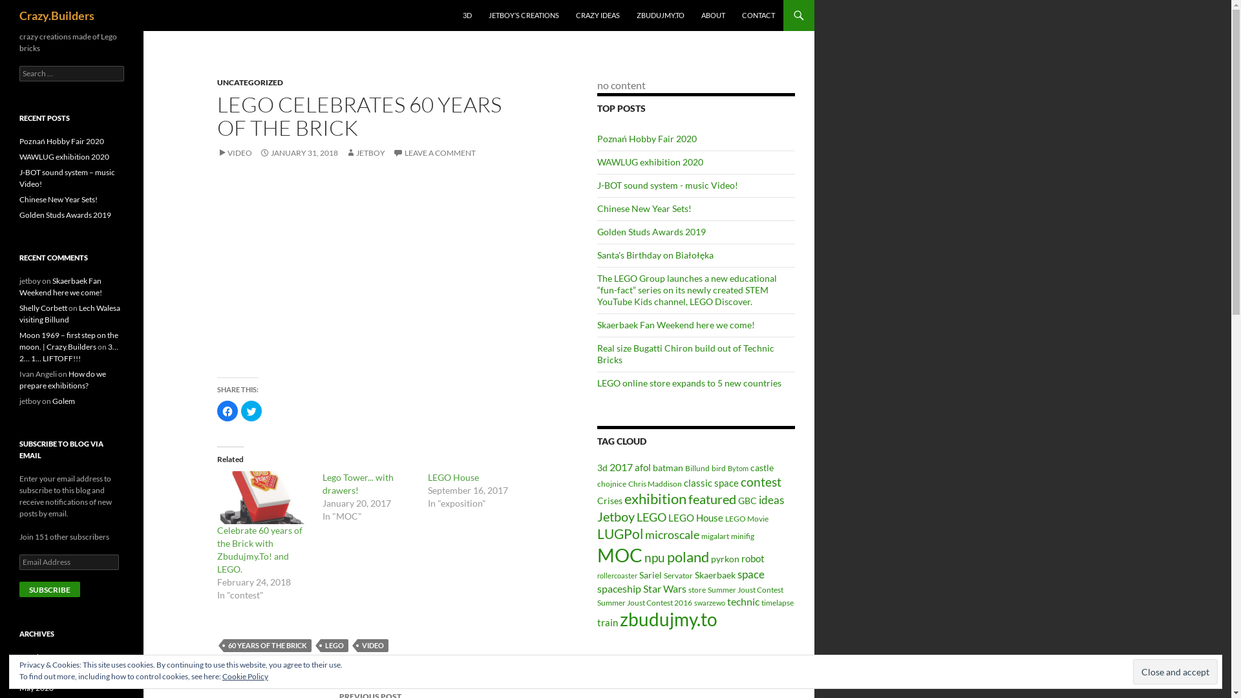 The height and width of the screenshot is (698, 1241). Describe the element at coordinates (727, 601) in the screenshot. I see `'technic'` at that location.